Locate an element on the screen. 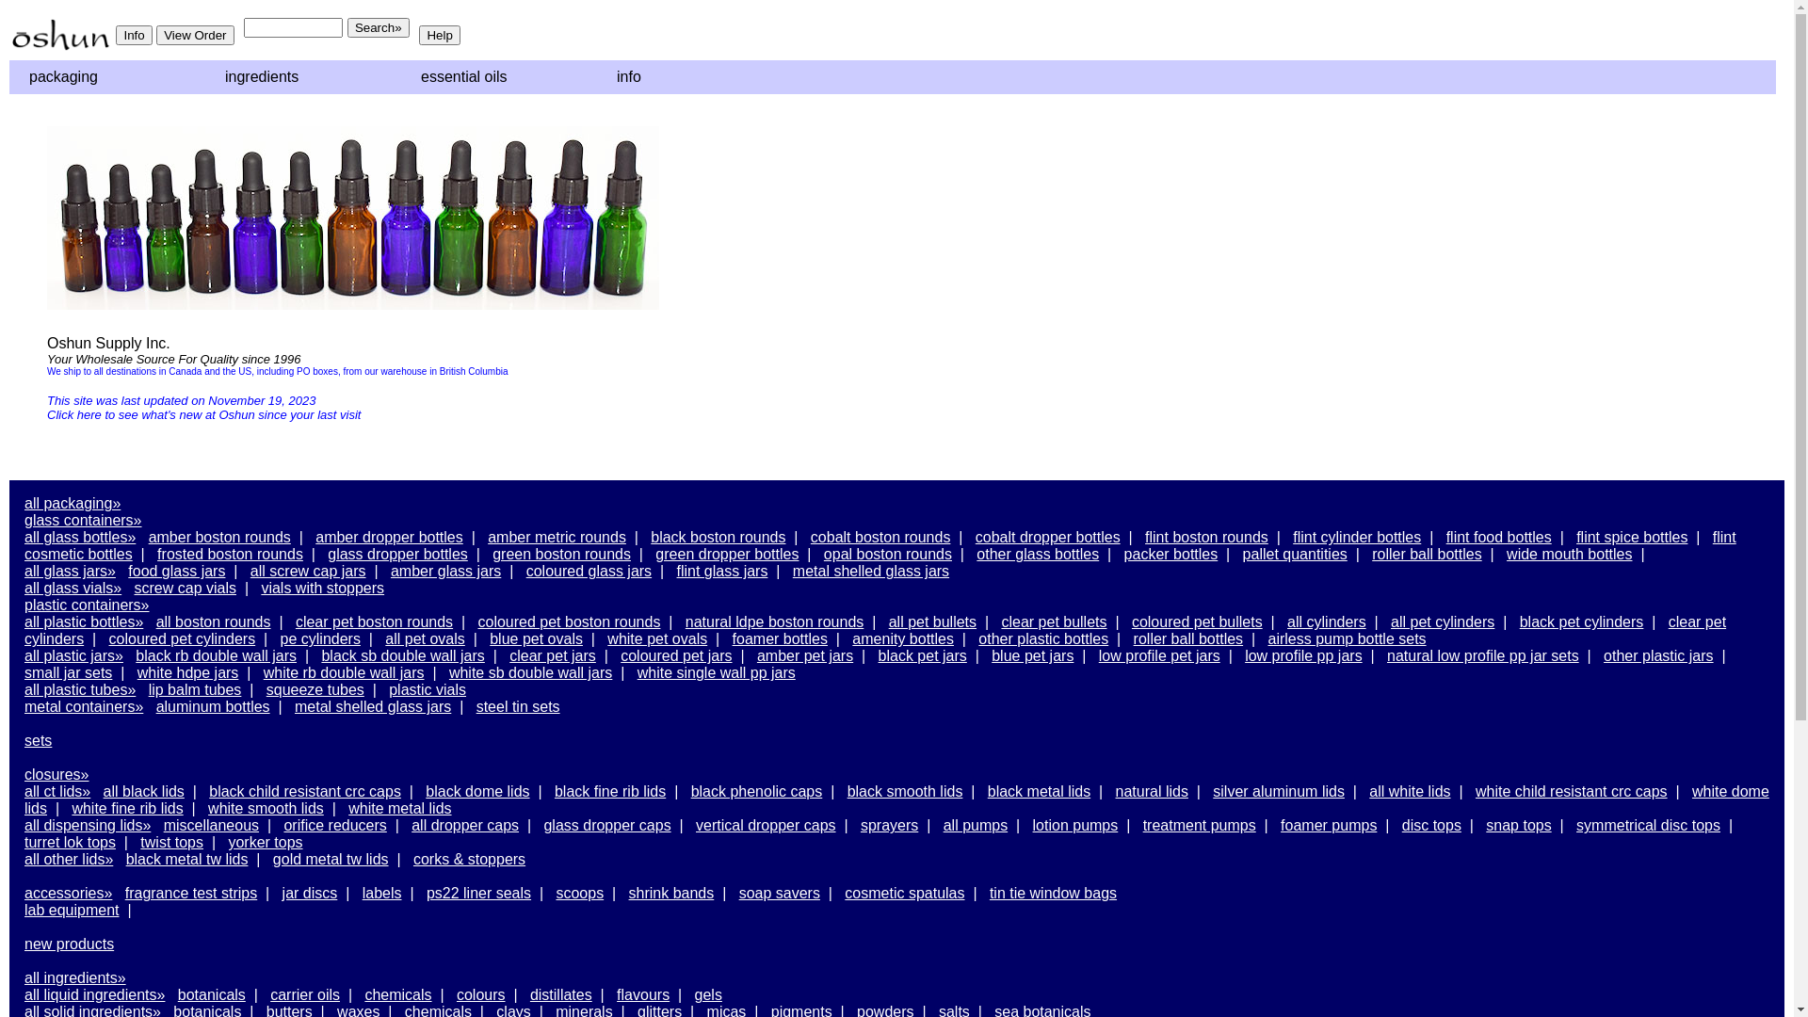  'white pet ovals' is located at coordinates (656, 638).